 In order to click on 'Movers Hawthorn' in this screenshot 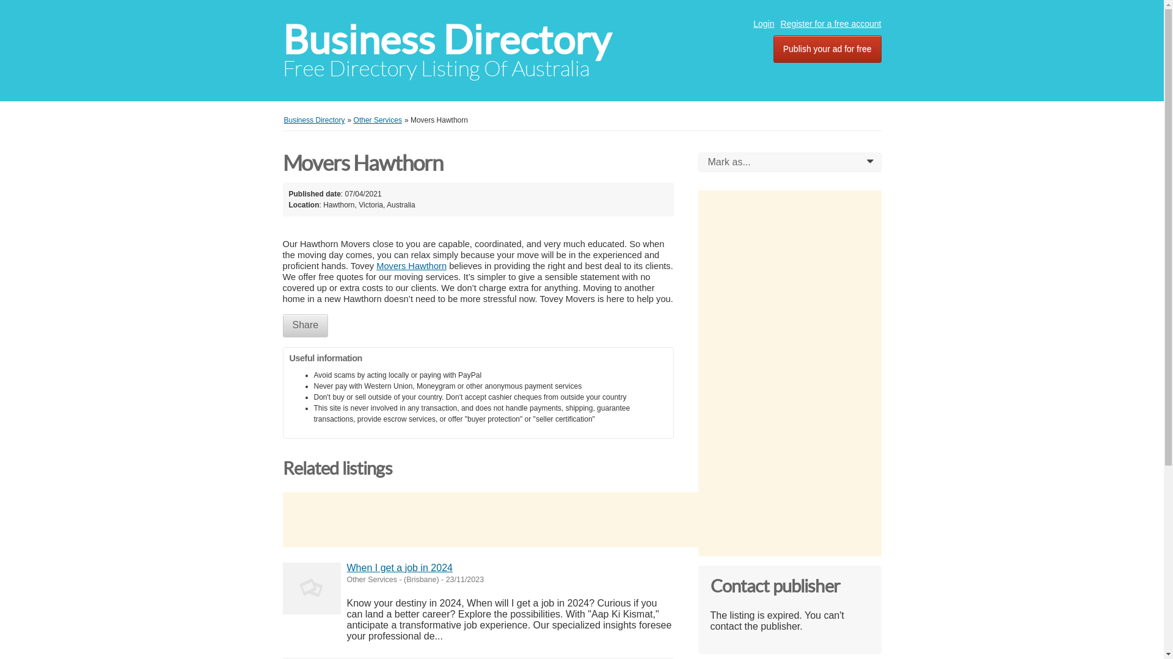, I will do `click(411, 265)`.